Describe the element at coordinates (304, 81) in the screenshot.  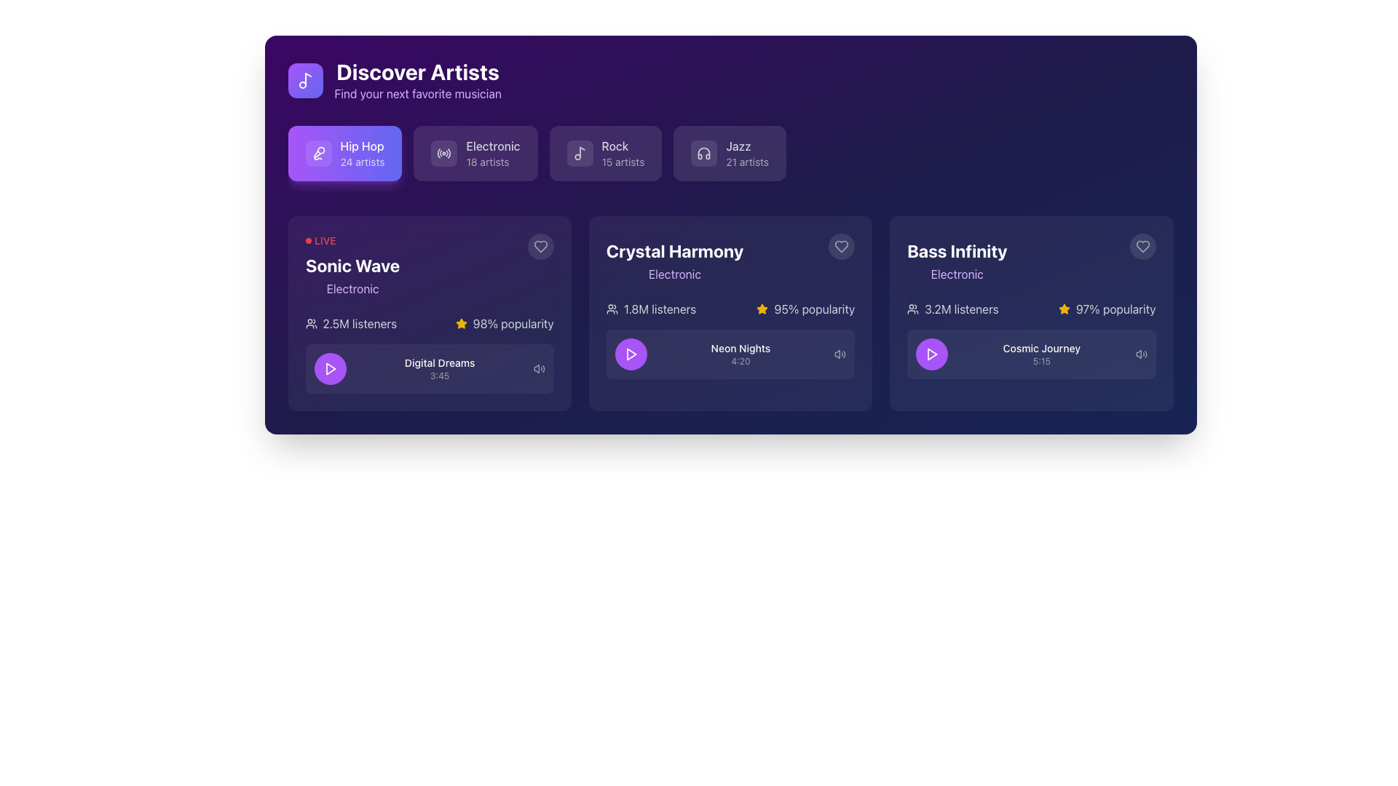
I see `the musical note icon, which is a small white icon with a circular note head and an upward stem, set against a purple gradient square background, located in the top-left area of the interface` at that location.